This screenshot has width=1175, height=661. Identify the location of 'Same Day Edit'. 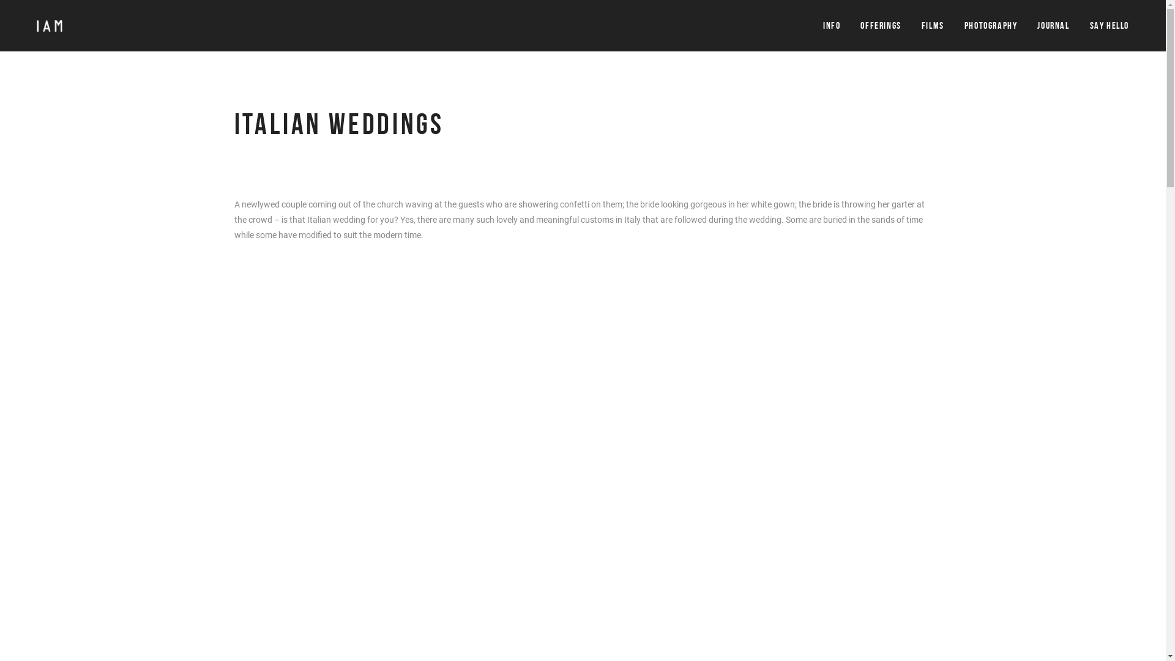
(737, 485).